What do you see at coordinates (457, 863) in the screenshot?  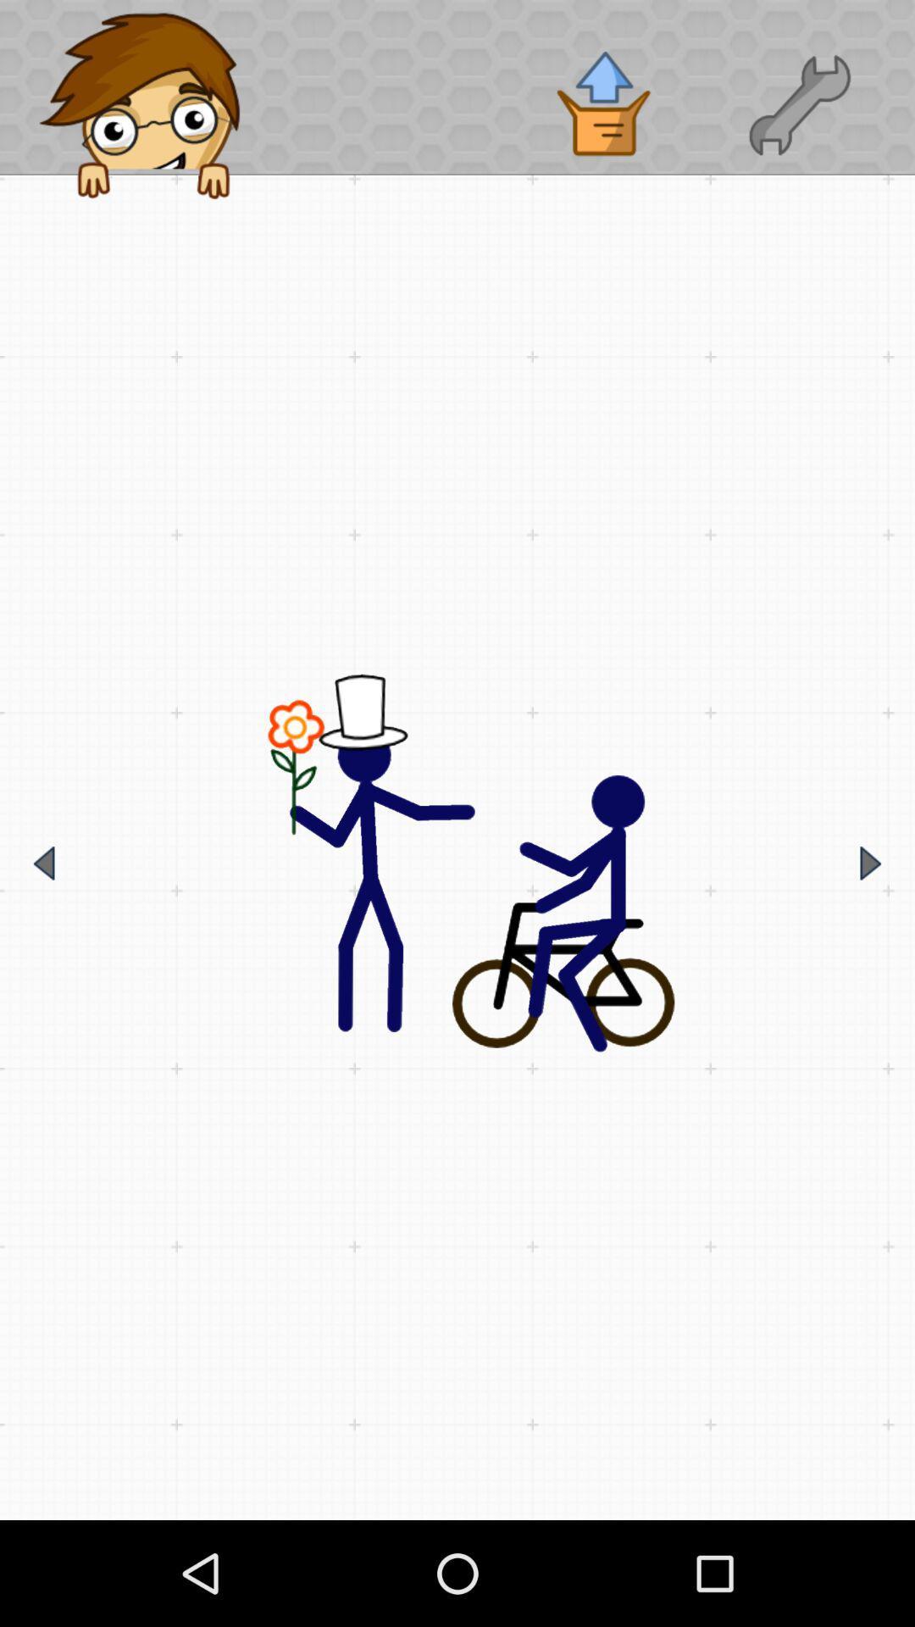 I see `main image` at bounding box center [457, 863].